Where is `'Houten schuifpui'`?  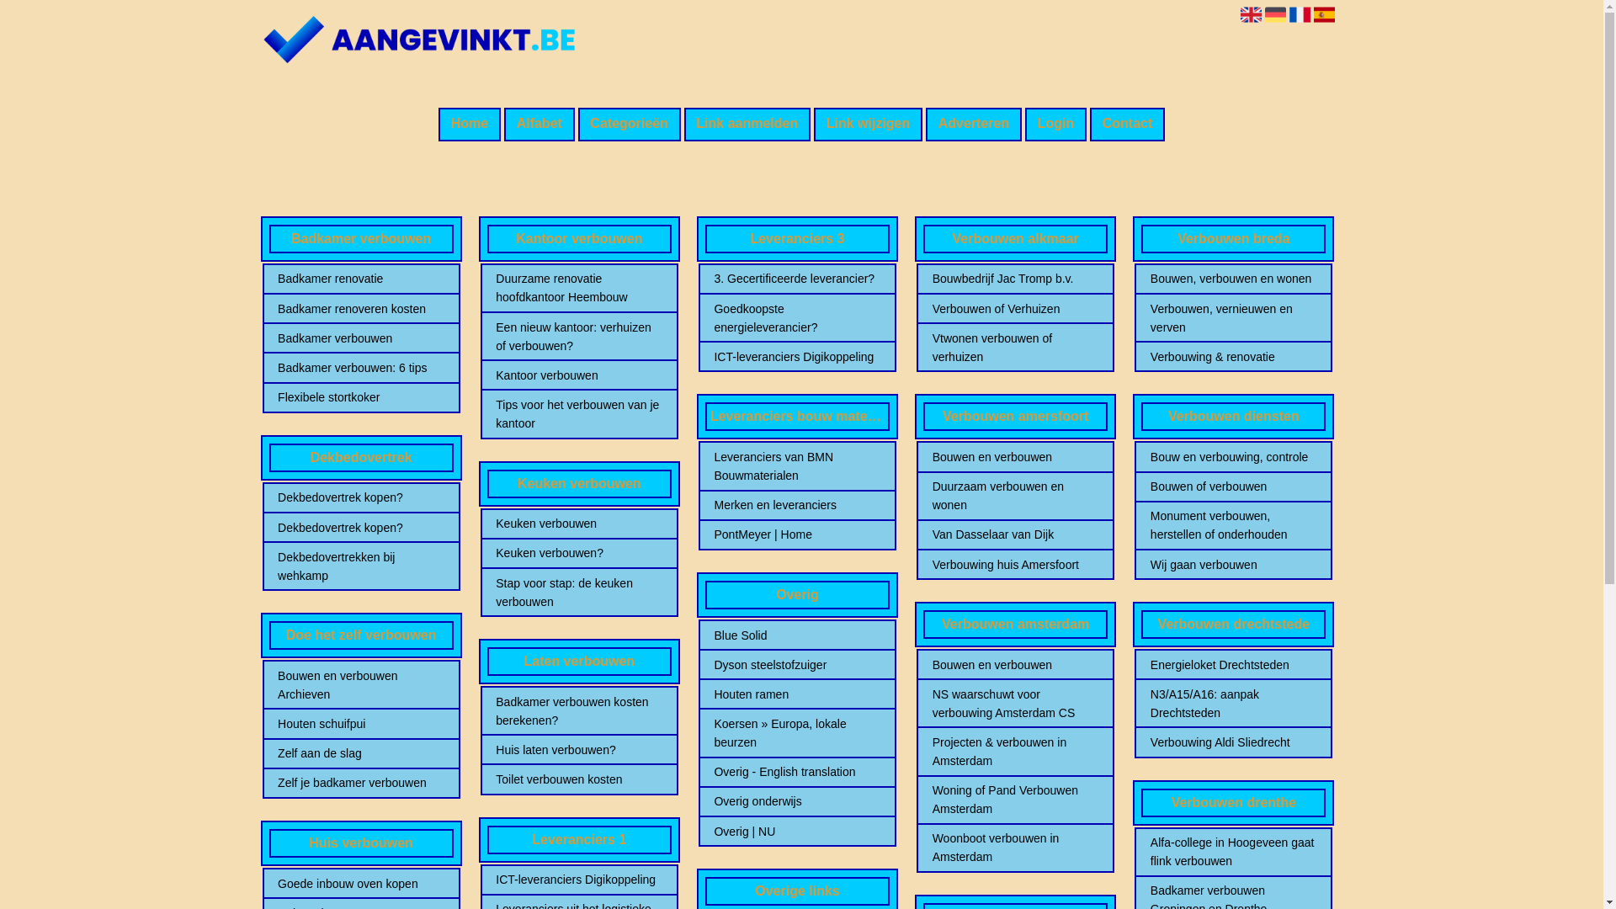
'Houten schuifpui' is located at coordinates (278, 723).